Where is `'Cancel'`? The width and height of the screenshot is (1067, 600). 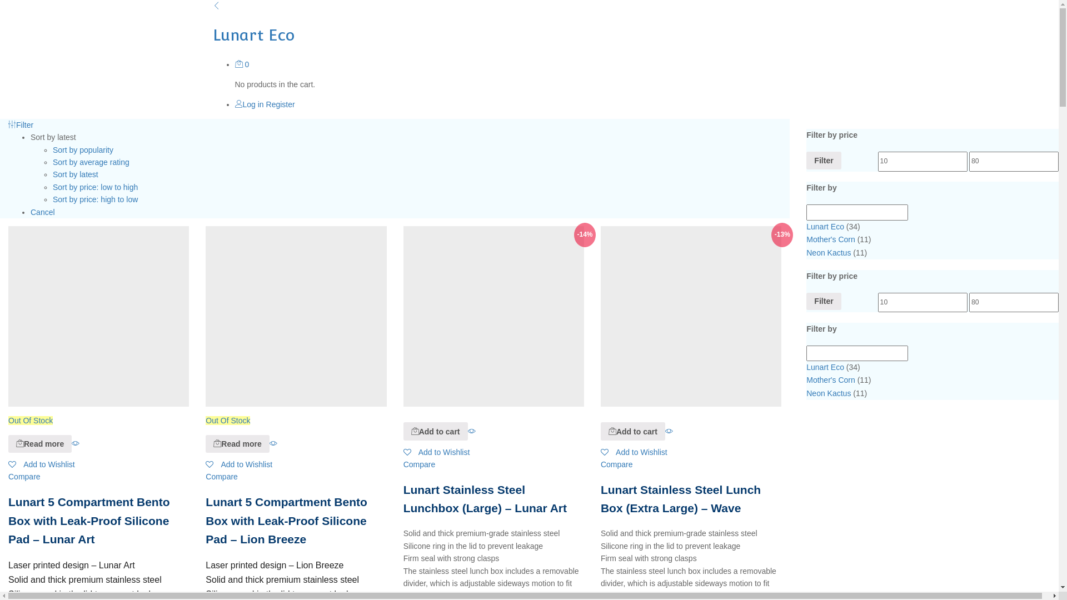 'Cancel' is located at coordinates (42, 212).